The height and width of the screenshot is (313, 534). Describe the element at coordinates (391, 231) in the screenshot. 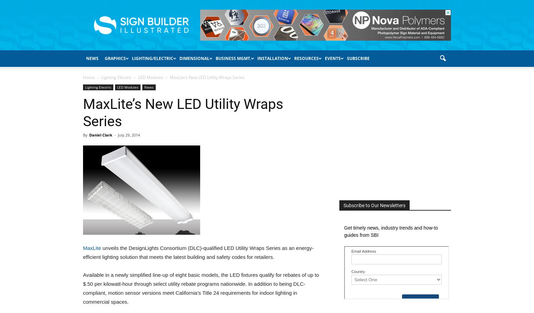

I see `'Get timely news, industry trends and how-to guides from SBI'` at that location.